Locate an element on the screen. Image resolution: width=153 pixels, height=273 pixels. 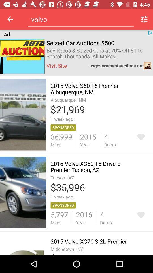
item below the seized car auctions icon is located at coordinates (98, 53).